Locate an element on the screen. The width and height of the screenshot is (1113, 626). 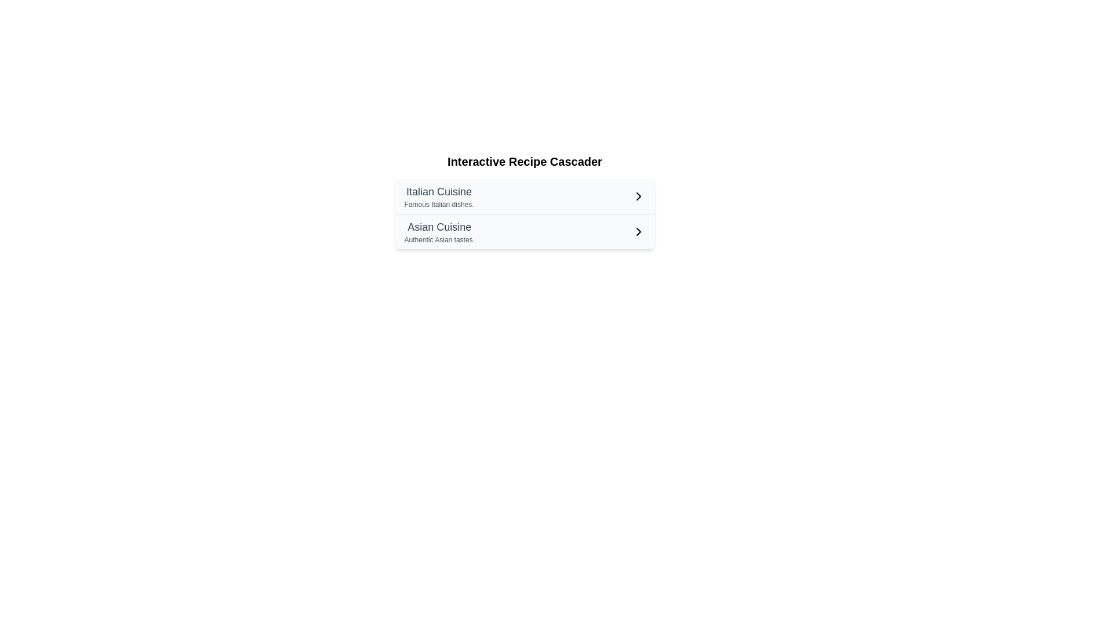
the selectable option labeled 'Asian Cuisine' which is the second item in the list under 'Interactive Recipe Cascader' is located at coordinates (524, 231).